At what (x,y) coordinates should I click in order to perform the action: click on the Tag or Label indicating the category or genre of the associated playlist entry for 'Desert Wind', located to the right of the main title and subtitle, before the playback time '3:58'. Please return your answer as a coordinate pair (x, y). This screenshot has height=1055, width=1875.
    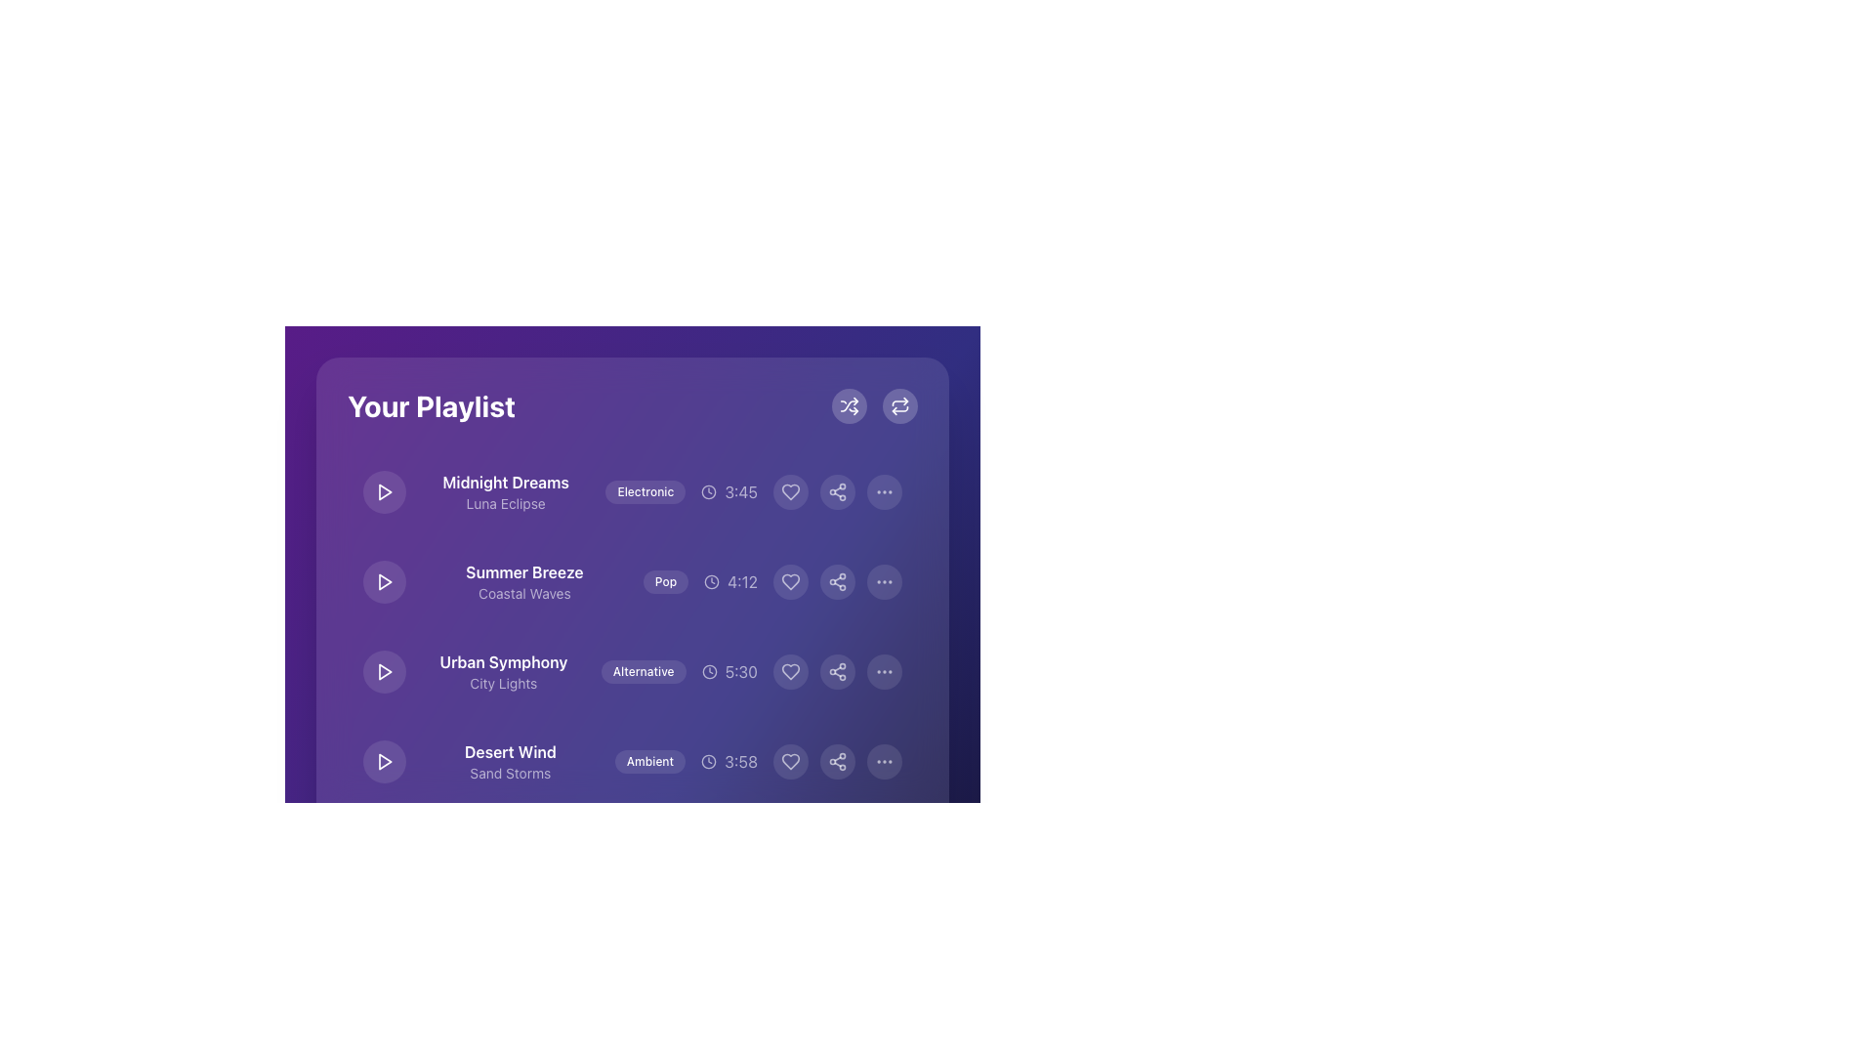
    Looking at the image, I should click on (649, 760).